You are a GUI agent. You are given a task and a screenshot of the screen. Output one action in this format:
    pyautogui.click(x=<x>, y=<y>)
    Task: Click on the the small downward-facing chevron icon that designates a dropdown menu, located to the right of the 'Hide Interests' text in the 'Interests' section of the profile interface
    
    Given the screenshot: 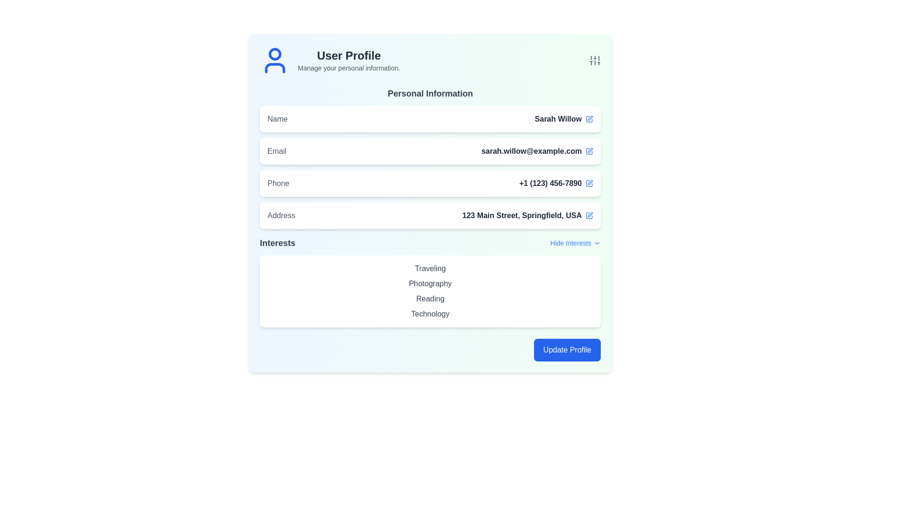 What is the action you would take?
    pyautogui.click(x=597, y=242)
    